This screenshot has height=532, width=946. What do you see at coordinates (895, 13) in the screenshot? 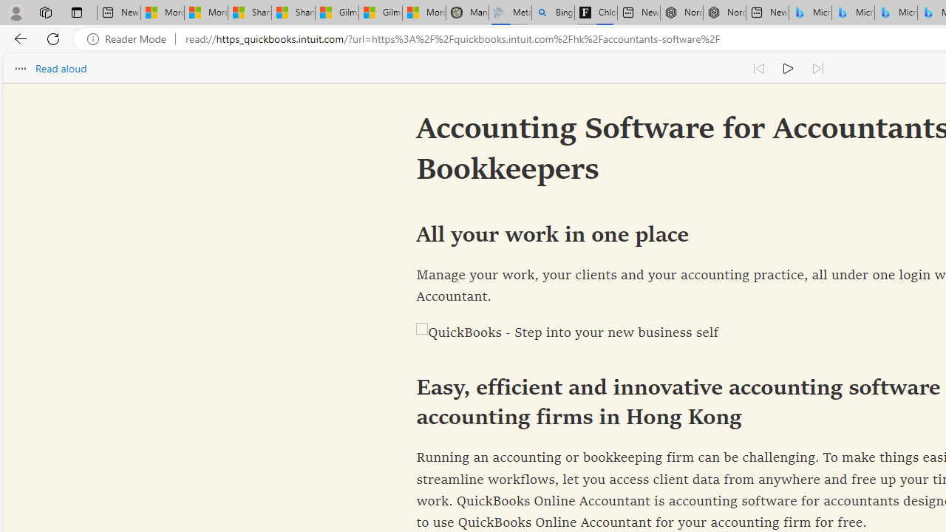
I see `'Microsoft Bing Travel - Shangri-La Hotel Bangkok'` at bounding box center [895, 13].